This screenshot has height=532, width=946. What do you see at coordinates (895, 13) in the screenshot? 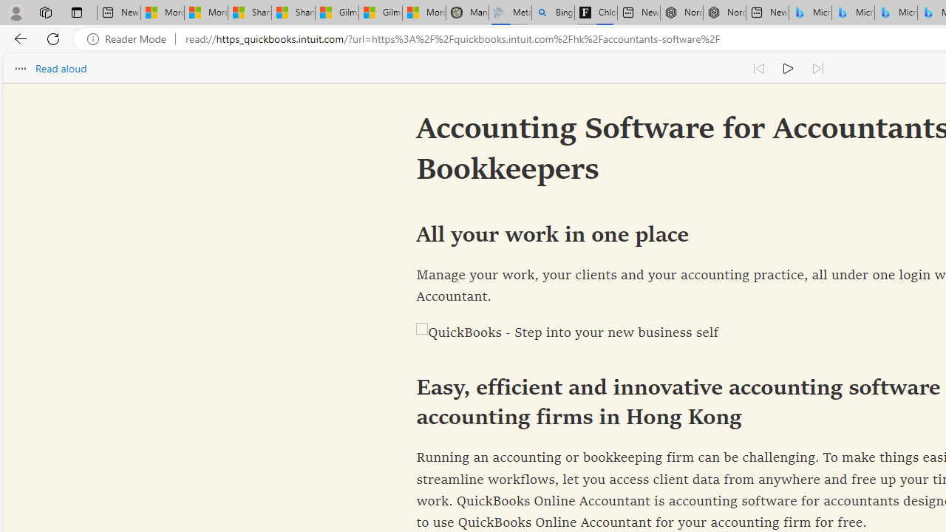
I see `'Microsoft Bing Travel - Shangri-La Hotel Bangkok'` at bounding box center [895, 13].